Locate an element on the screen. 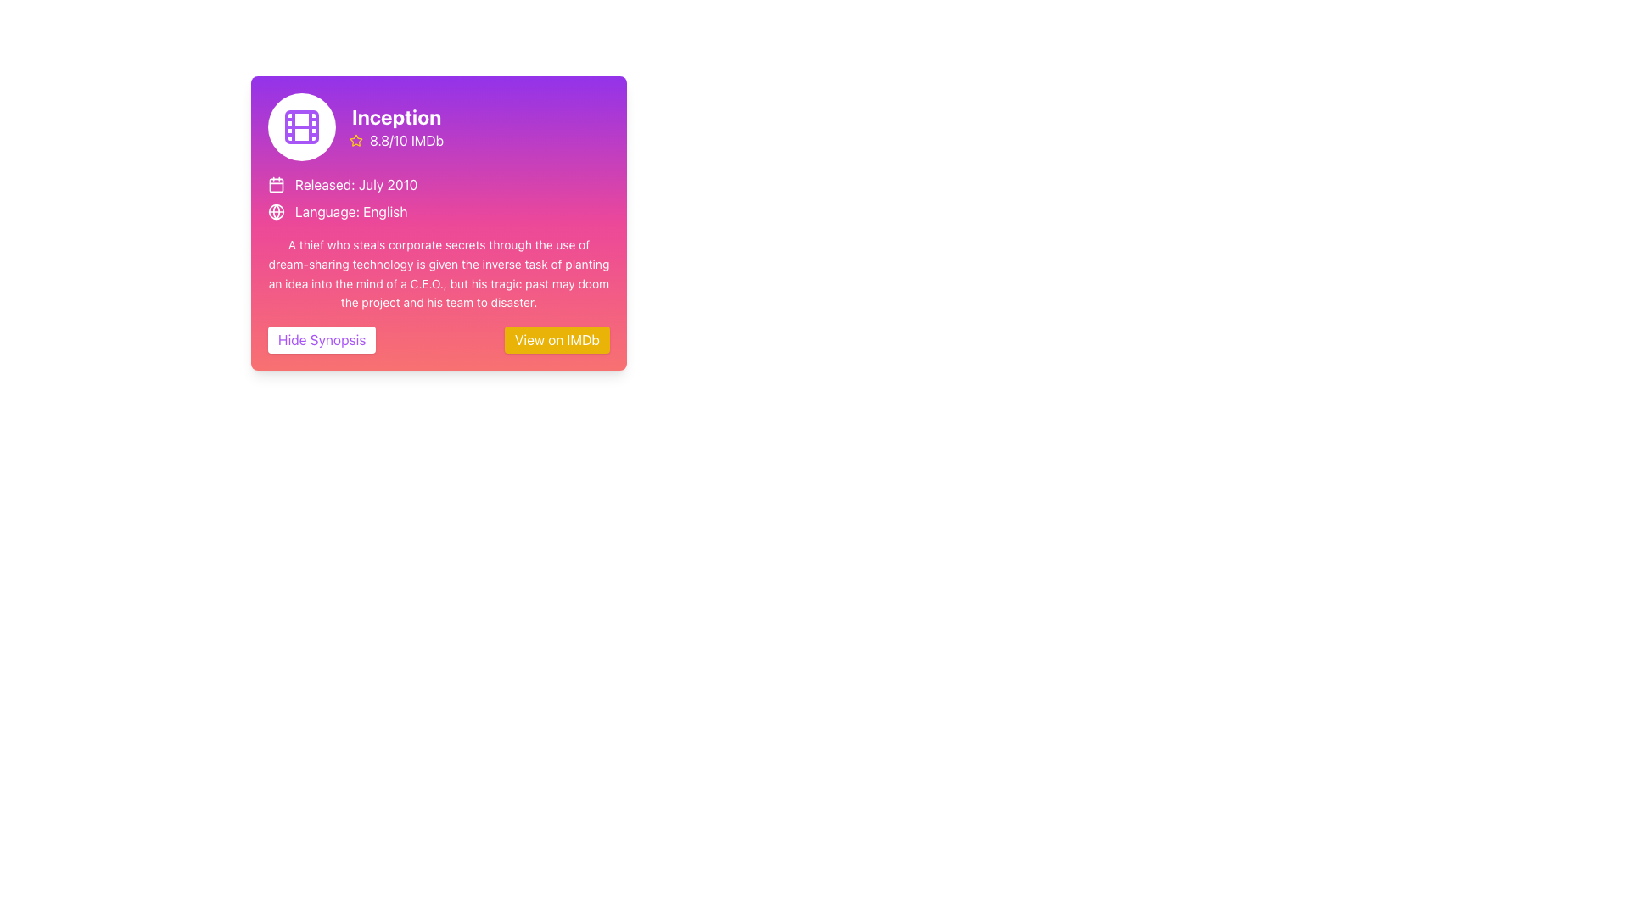 Image resolution: width=1629 pixels, height=916 pixels. the centered rectangular element with a purple outline located within the film strip icon at the top-left corner of the card layout is located at coordinates (301, 126).